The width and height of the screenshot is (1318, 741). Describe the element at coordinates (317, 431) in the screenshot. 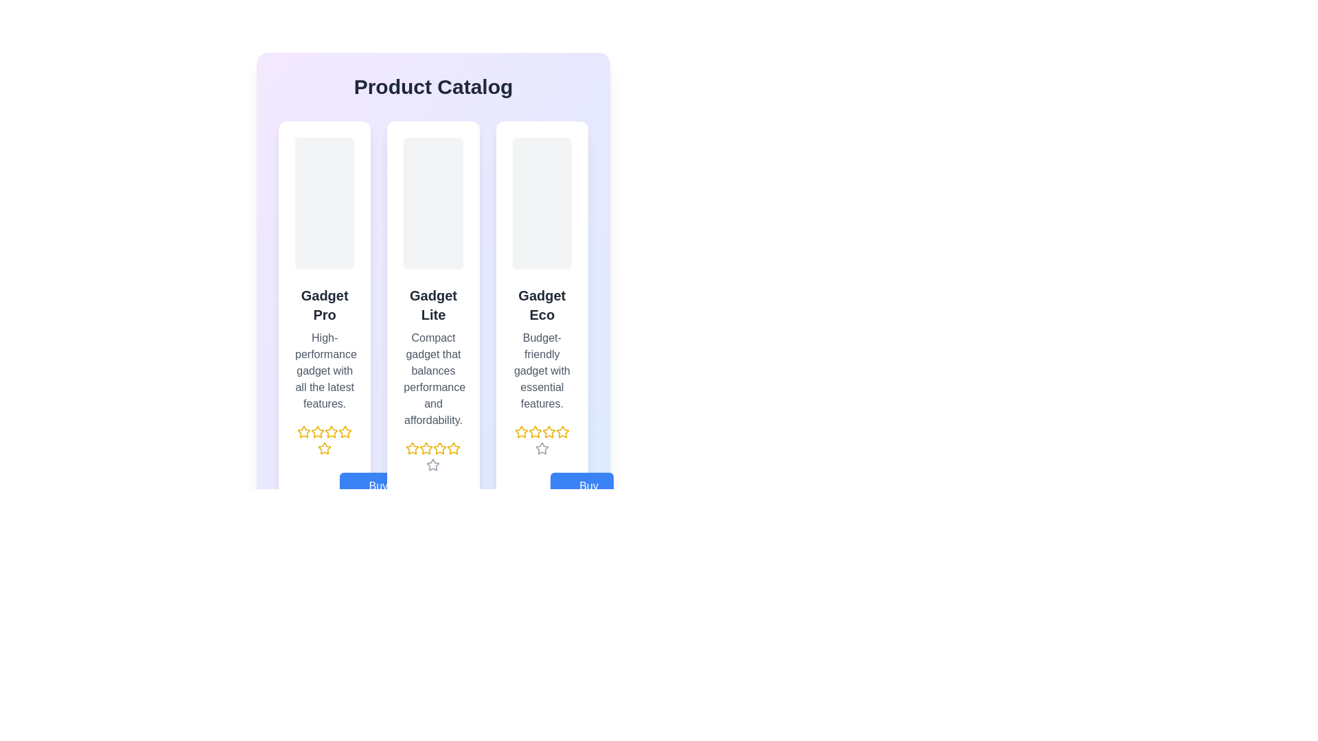

I see `the fourth star in the rating section of the 'Gadget Pro' card to assign a rating` at that location.